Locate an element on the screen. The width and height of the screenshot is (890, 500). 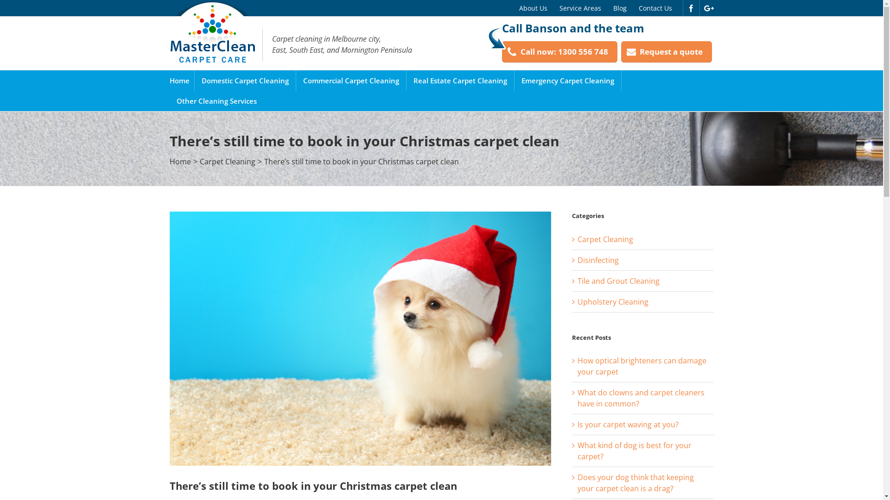
'Call now: 1300 556 748' is located at coordinates (559, 52).